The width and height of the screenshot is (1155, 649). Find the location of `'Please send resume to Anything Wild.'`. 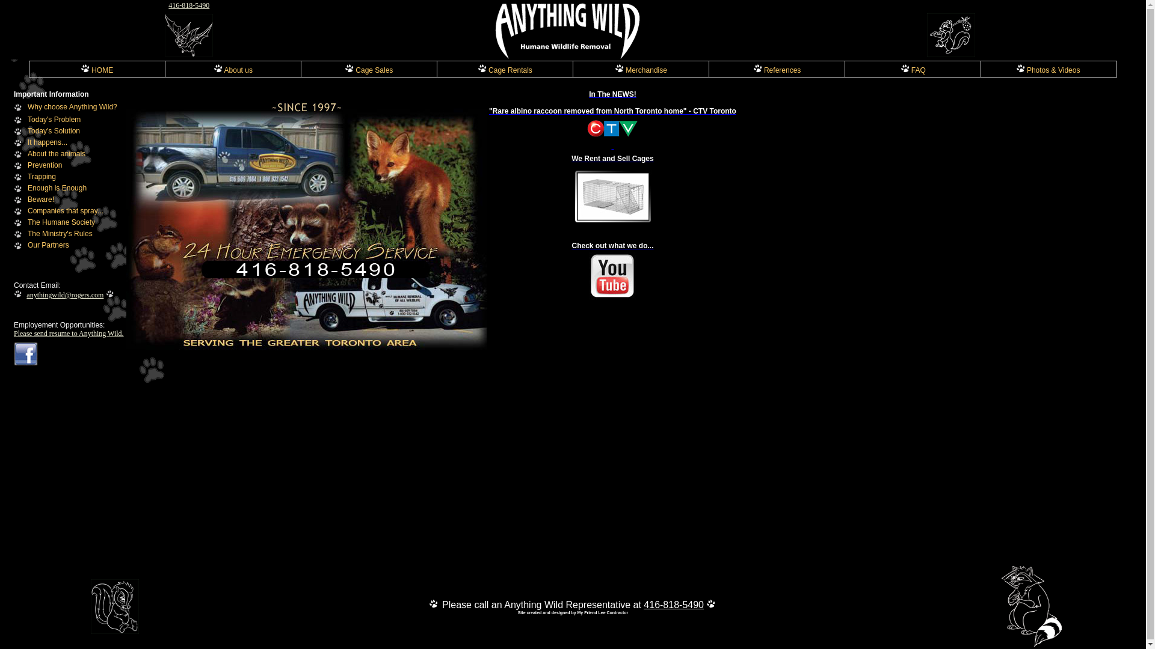

'Please send resume to Anything Wild.' is located at coordinates (68, 334).